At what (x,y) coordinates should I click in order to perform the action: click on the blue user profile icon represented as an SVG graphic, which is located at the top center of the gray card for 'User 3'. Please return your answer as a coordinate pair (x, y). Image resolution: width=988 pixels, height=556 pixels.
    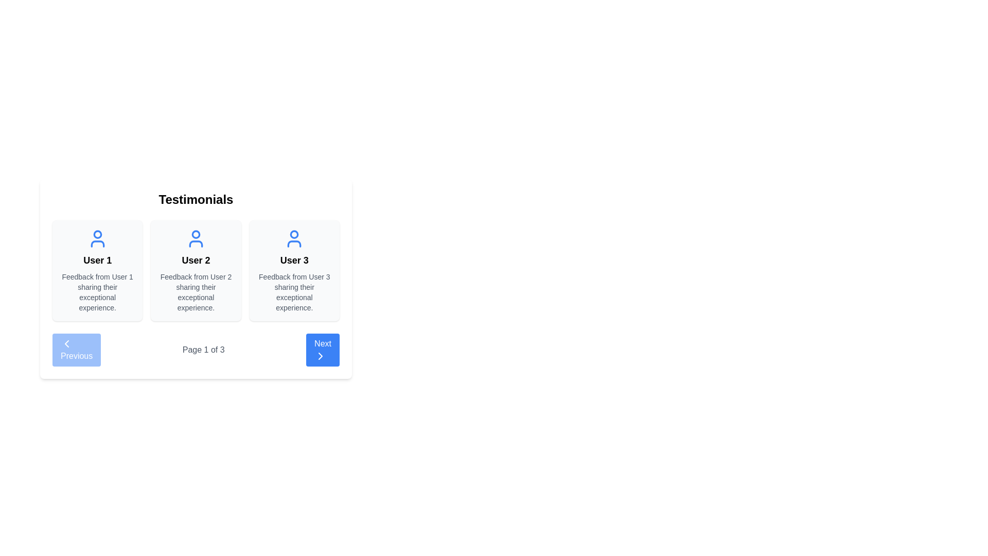
    Looking at the image, I should click on (294, 238).